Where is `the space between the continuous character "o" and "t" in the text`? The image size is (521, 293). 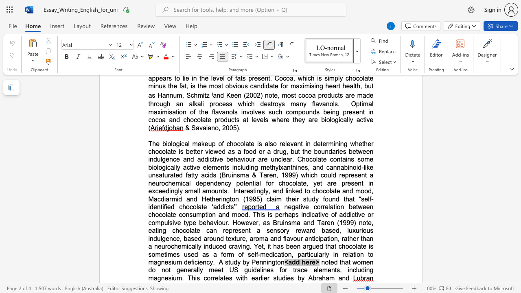 the space between the continuous character "o" and "t" in the text is located at coordinates (271, 95).